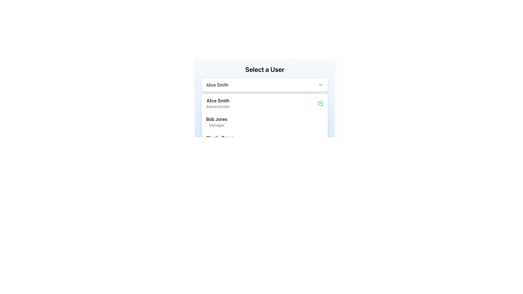 The width and height of the screenshot is (523, 294). I want to click on the Dropdown menu trigger located beneath the title 'Select a User', so click(264, 85).